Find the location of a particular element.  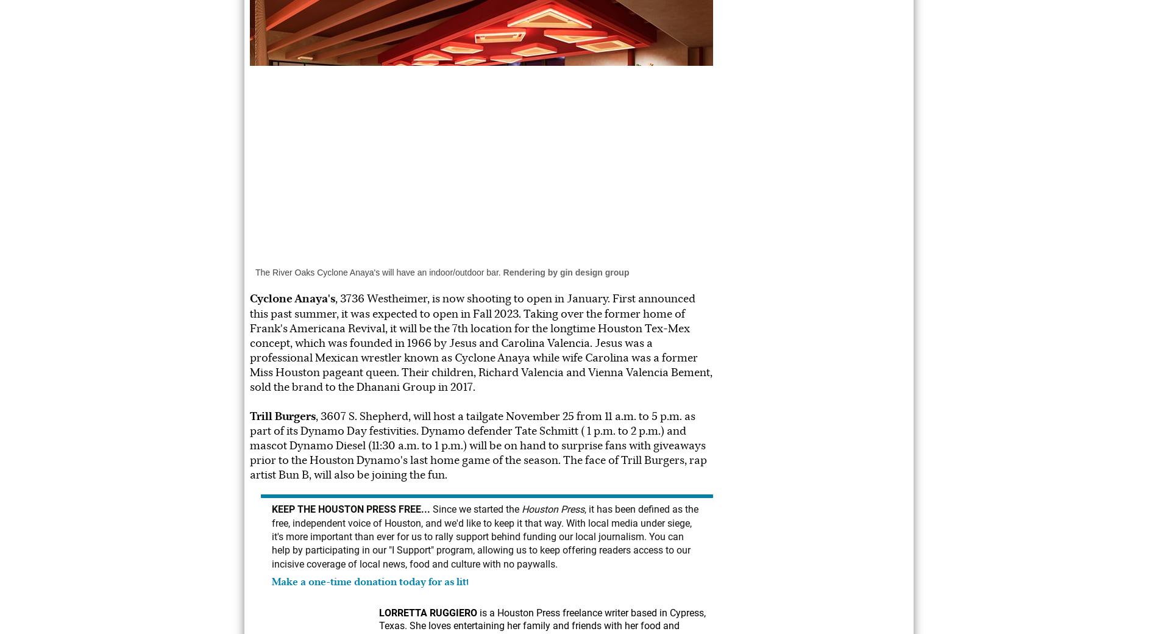

'Make a one-time donation today for as little as $1.' is located at coordinates (388, 582).